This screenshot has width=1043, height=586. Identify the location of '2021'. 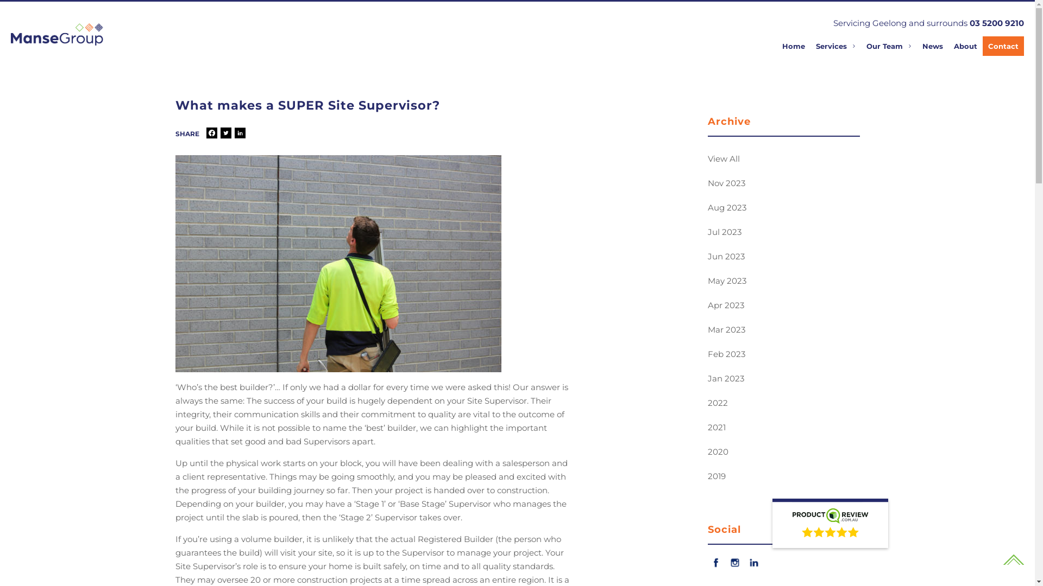
(783, 426).